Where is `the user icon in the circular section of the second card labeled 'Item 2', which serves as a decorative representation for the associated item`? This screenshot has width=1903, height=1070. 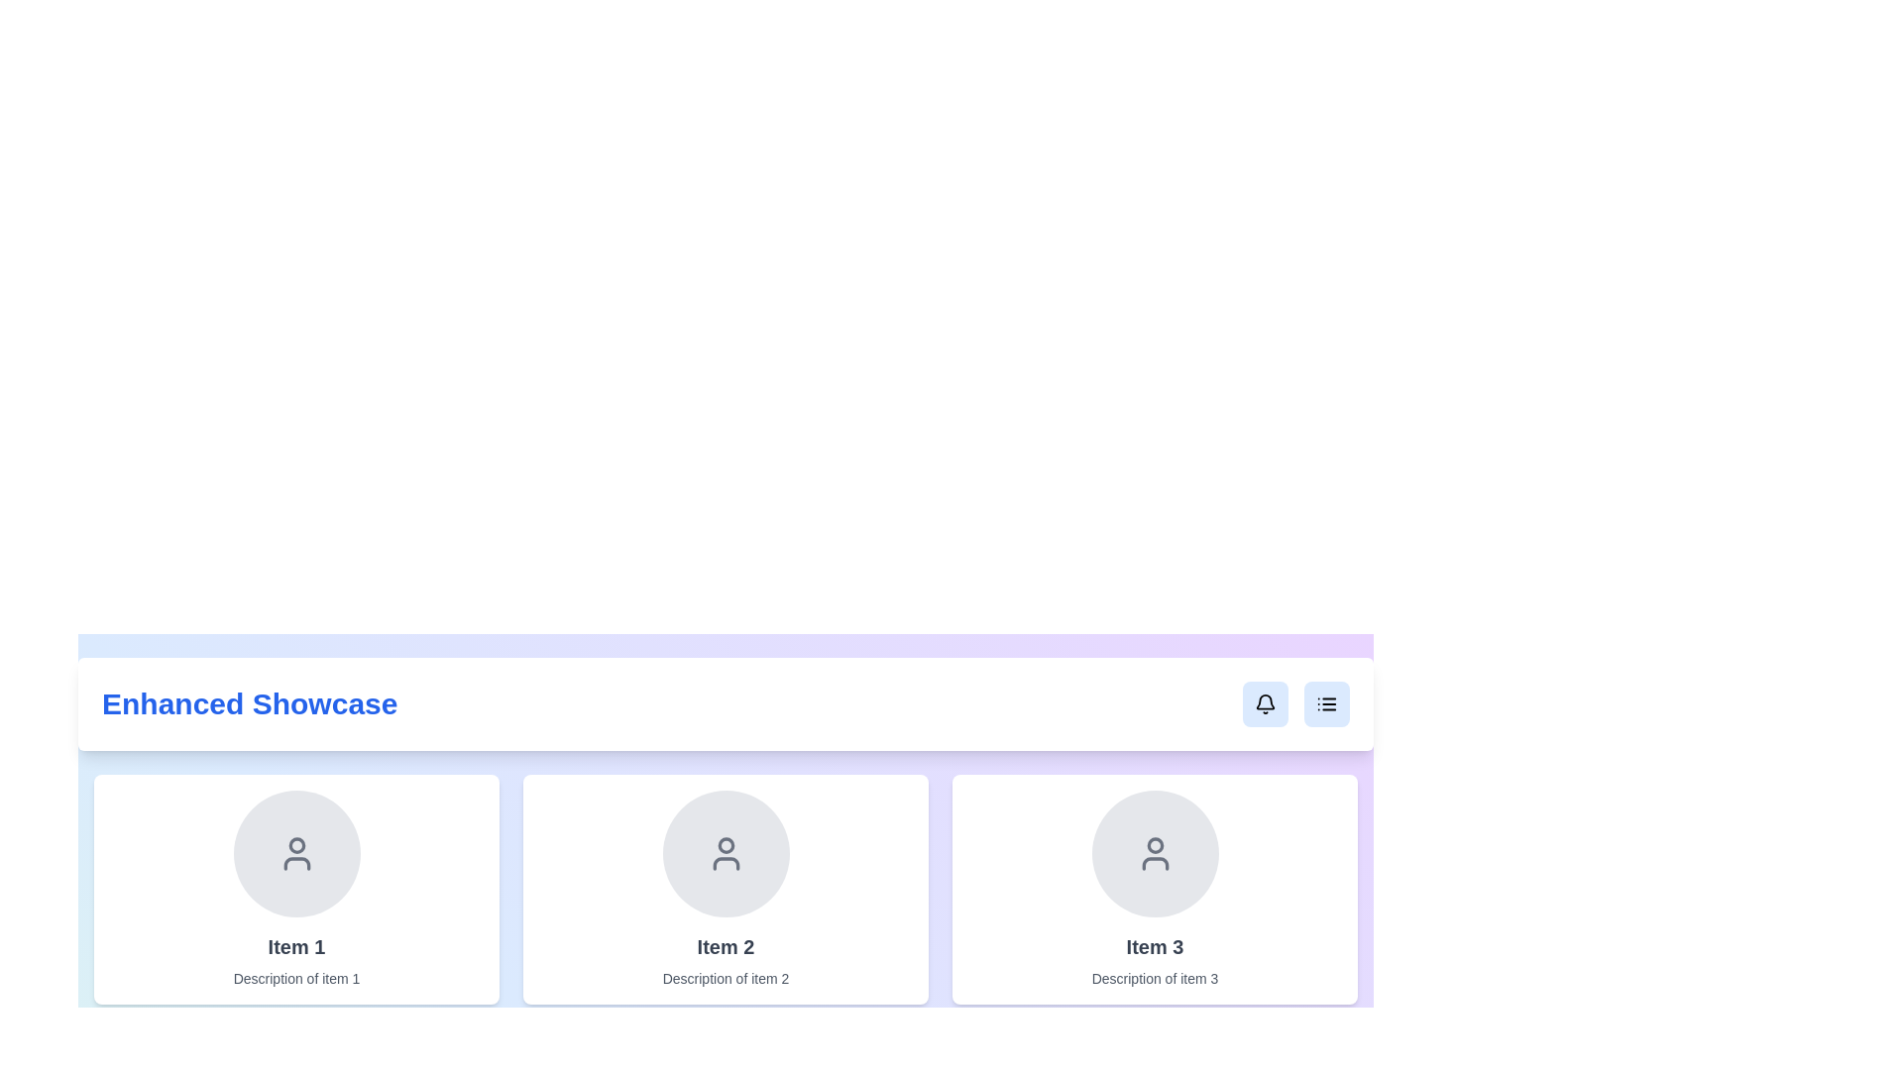 the user icon in the circular section of the second card labeled 'Item 2', which serves as a decorative representation for the associated item is located at coordinates (725, 852).